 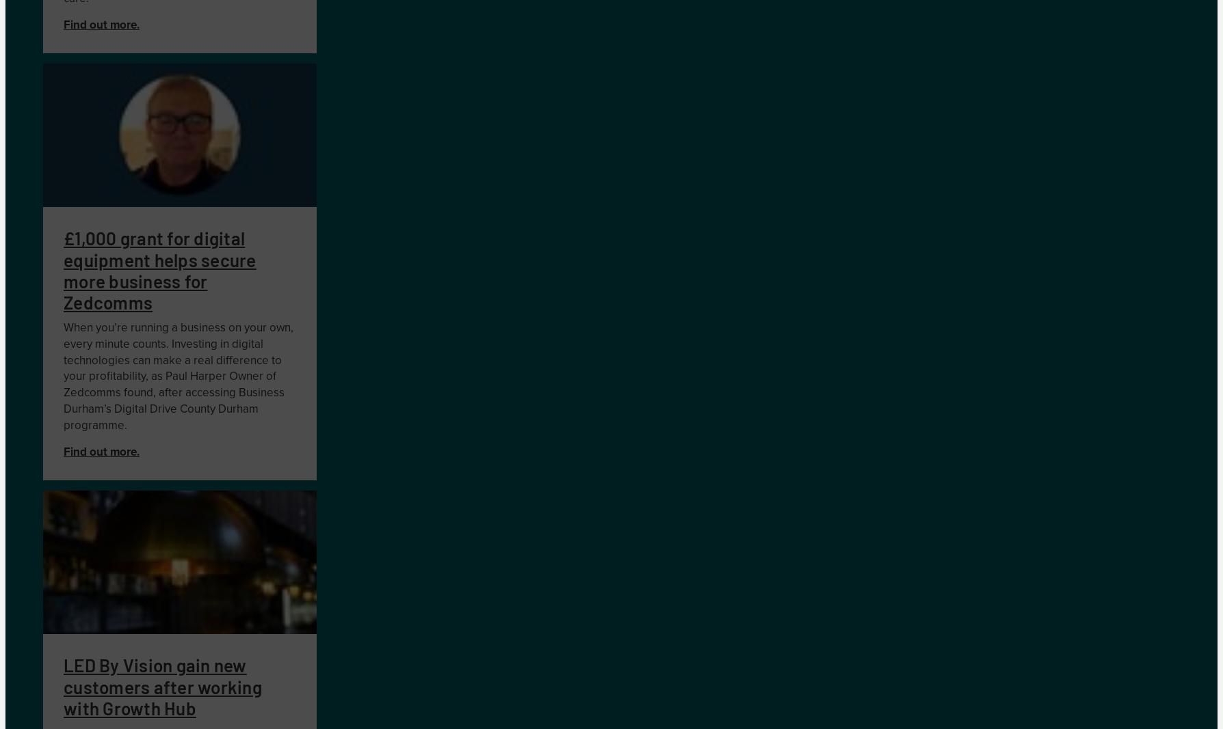 I want to click on 'omms found', so click(x=121, y=392).